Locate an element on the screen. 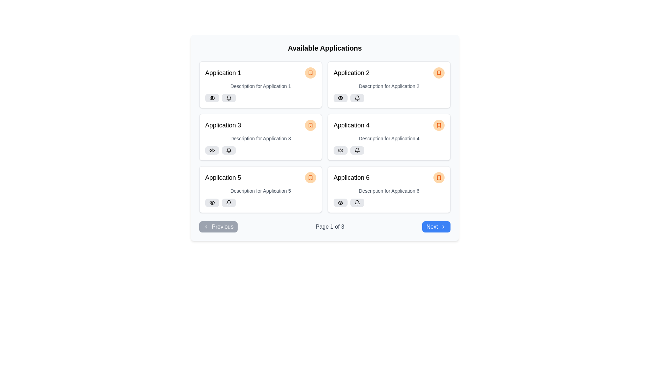 Image resolution: width=670 pixels, height=377 pixels. the notification toggle button located below the 'Application 5' card, which is the second icon in a row of two buttons is located at coordinates (229, 203).